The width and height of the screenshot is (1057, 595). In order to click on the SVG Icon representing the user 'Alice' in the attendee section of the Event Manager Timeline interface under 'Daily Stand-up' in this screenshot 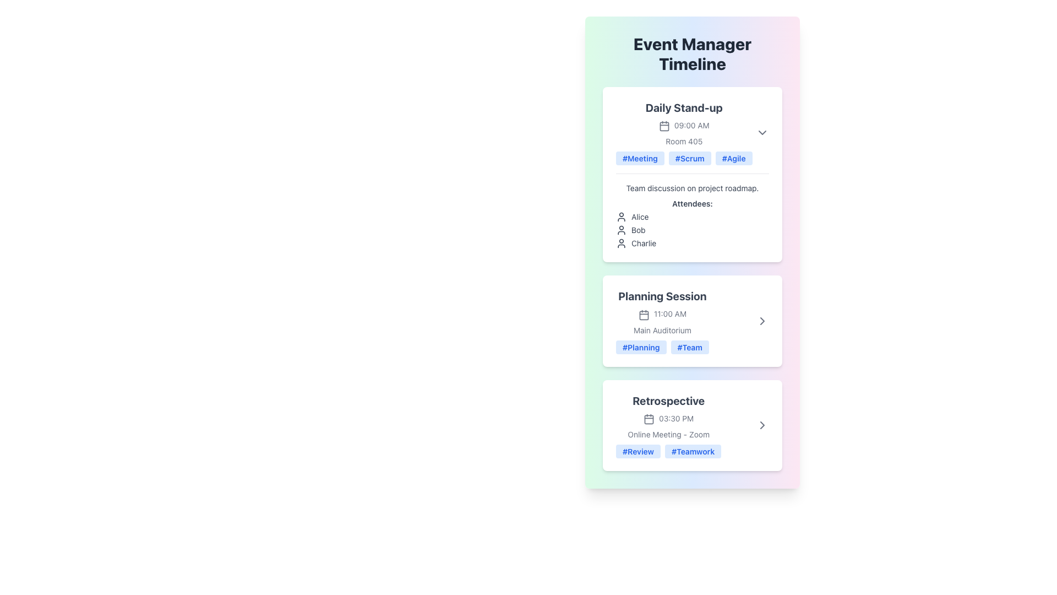, I will do `click(621, 217)`.